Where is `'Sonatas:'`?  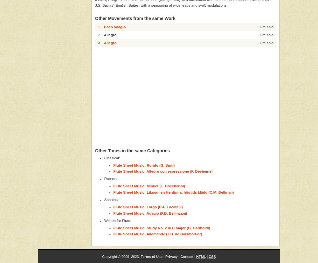 'Sonatas:' is located at coordinates (111, 199).